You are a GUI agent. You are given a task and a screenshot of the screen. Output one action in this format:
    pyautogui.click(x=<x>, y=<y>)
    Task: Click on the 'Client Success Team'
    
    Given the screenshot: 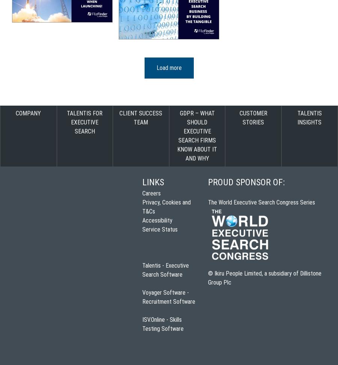 What is the action you would take?
    pyautogui.click(x=141, y=117)
    